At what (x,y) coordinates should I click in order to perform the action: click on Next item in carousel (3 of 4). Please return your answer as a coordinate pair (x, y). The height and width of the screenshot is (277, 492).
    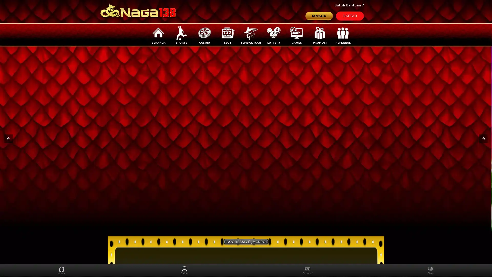
    Looking at the image, I should click on (483, 138).